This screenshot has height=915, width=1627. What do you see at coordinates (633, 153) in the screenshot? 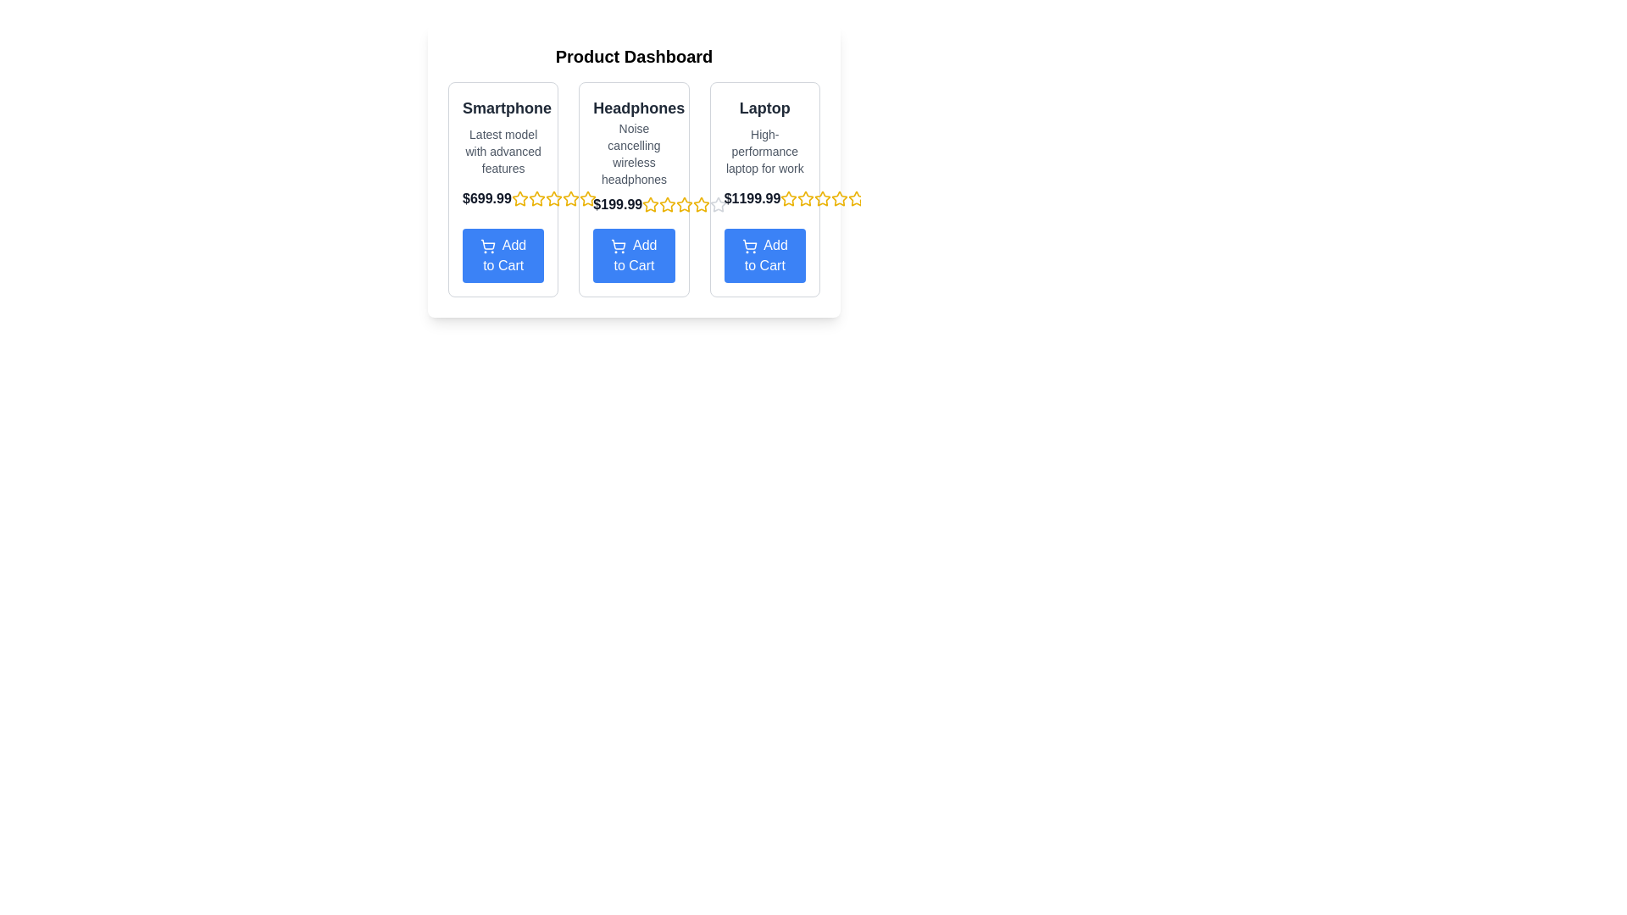
I see `the text label element that reads 'Noise cancelling wireless headphones', which is styled in gray and positioned below the title 'Headphones' and above the price '$199.99'` at bounding box center [633, 153].